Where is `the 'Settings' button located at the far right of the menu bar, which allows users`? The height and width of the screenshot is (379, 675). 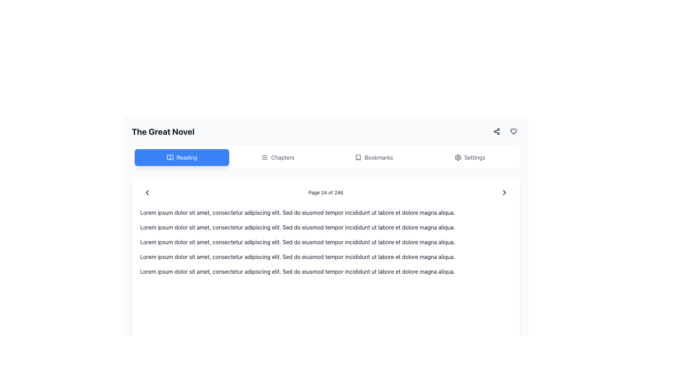 the 'Settings' button located at the far right of the menu bar, which allows users is located at coordinates (470, 157).